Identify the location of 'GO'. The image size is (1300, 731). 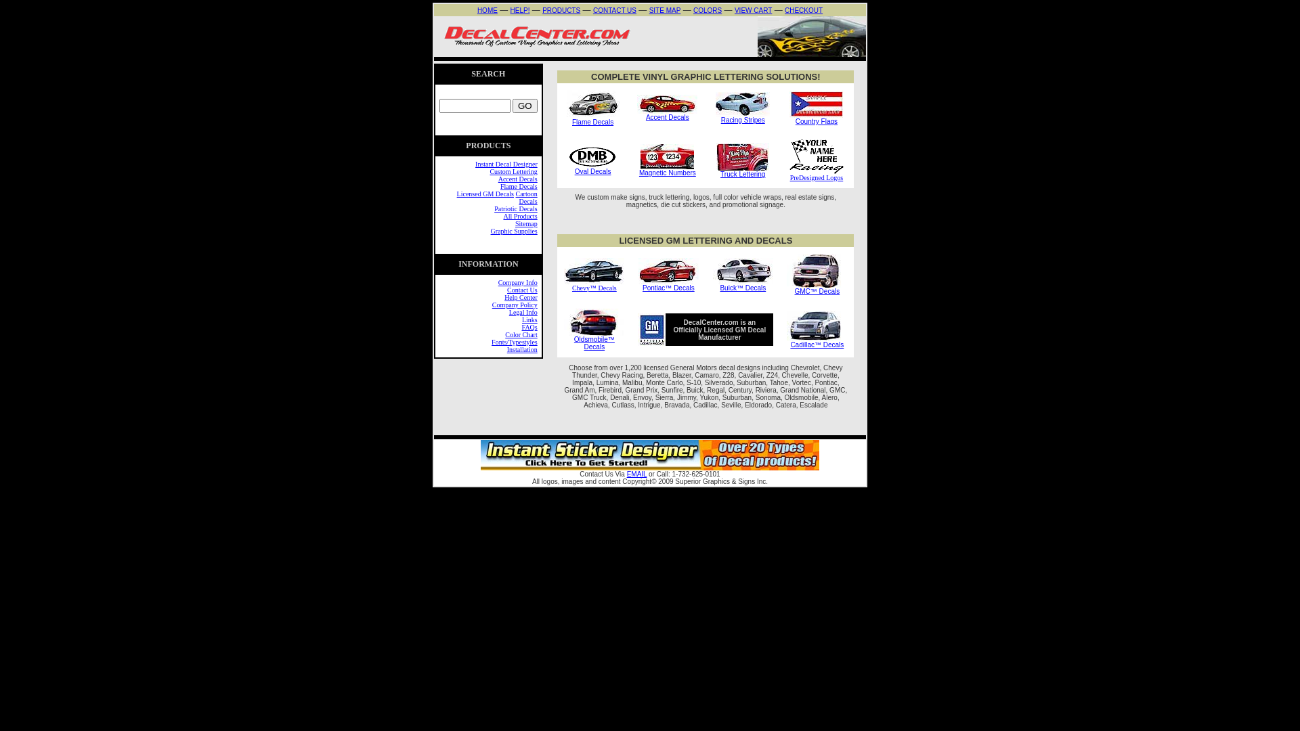
(524, 105).